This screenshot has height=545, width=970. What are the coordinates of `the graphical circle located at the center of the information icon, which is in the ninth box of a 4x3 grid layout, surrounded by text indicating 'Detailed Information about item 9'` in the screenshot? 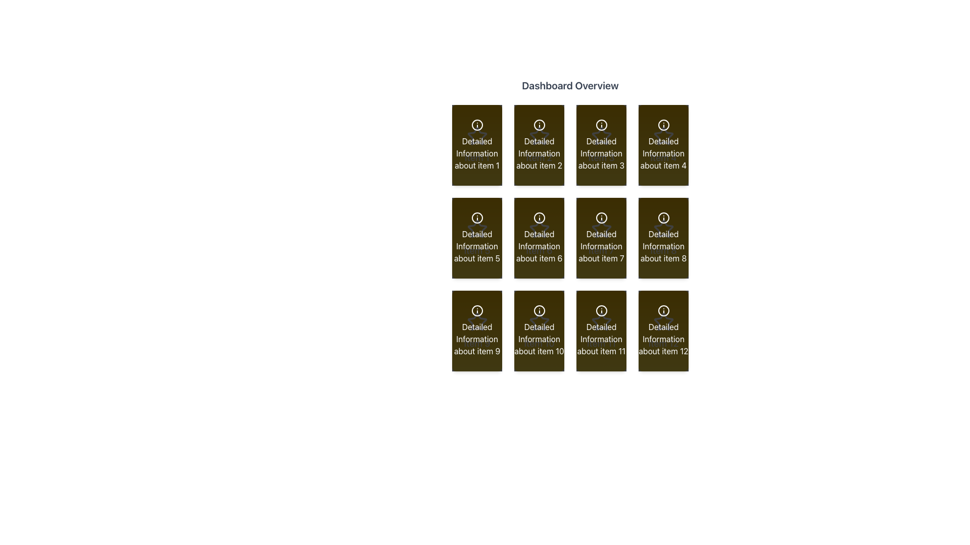 It's located at (476, 310).